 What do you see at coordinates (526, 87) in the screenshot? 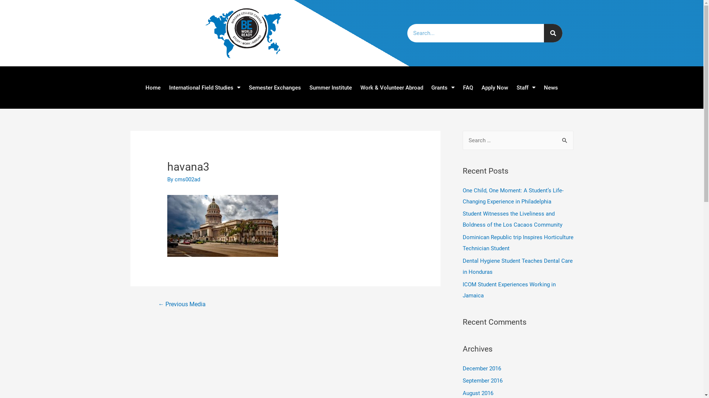
I see `'Staff'` at bounding box center [526, 87].